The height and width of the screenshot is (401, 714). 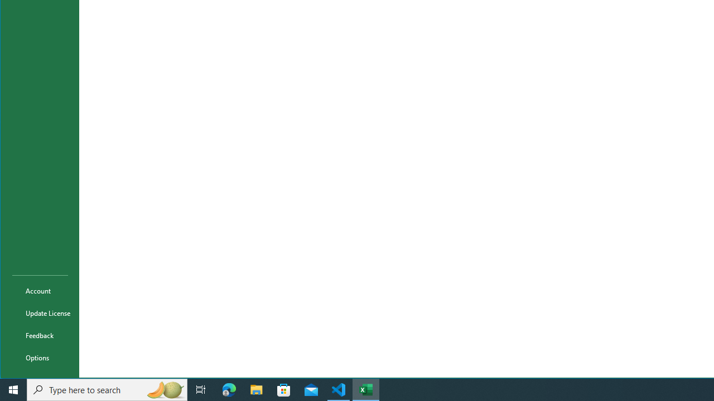 What do you see at coordinates (40, 357) in the screenshot?
I see `'Options'` at bounding box center [40, 357].